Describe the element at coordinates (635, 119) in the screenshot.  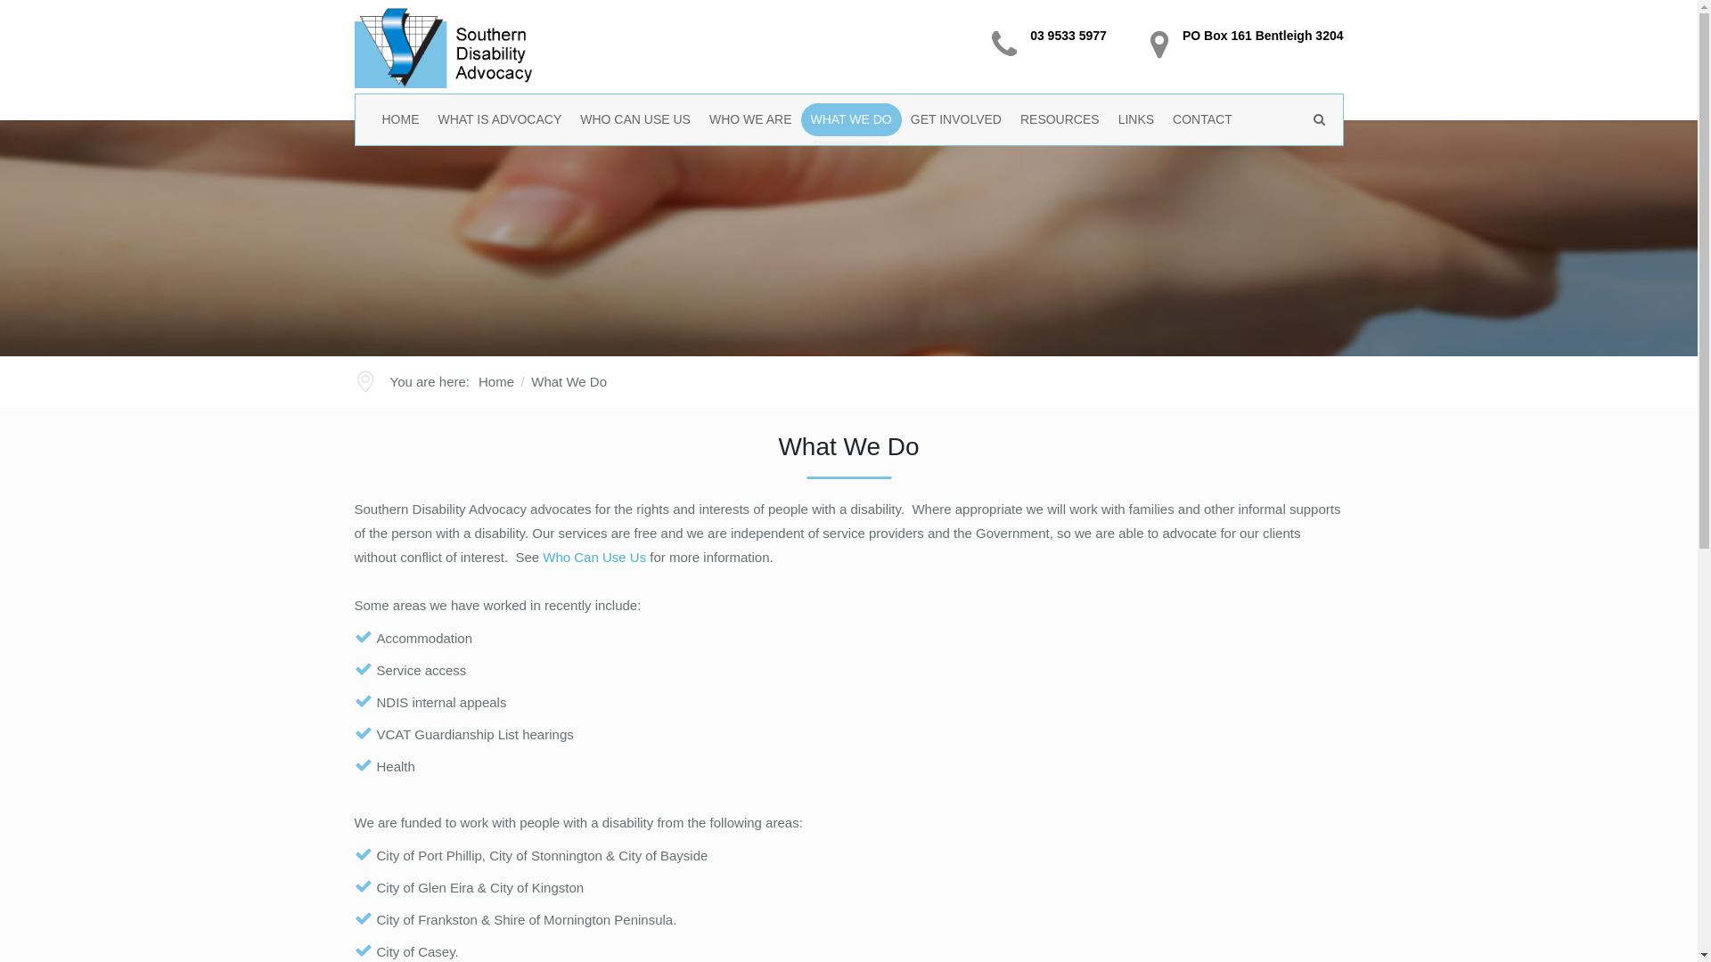
I see `'WHO CAN USE US'` at that location.